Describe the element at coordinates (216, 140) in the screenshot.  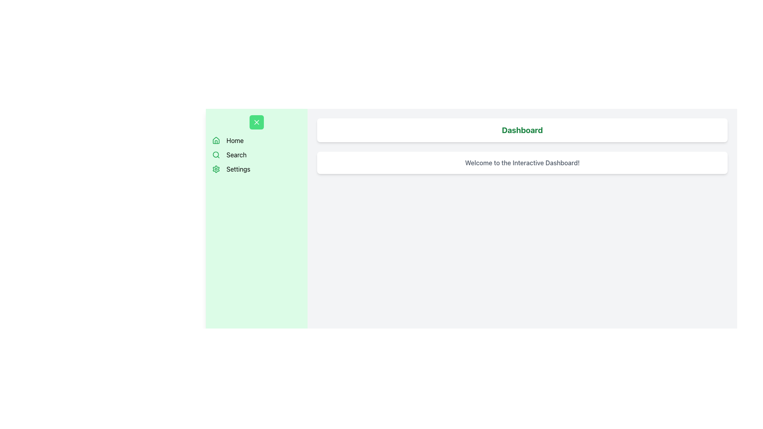
I see `the green house icon located in the top-left section of the interface, next to the 'Home' label` at that location.